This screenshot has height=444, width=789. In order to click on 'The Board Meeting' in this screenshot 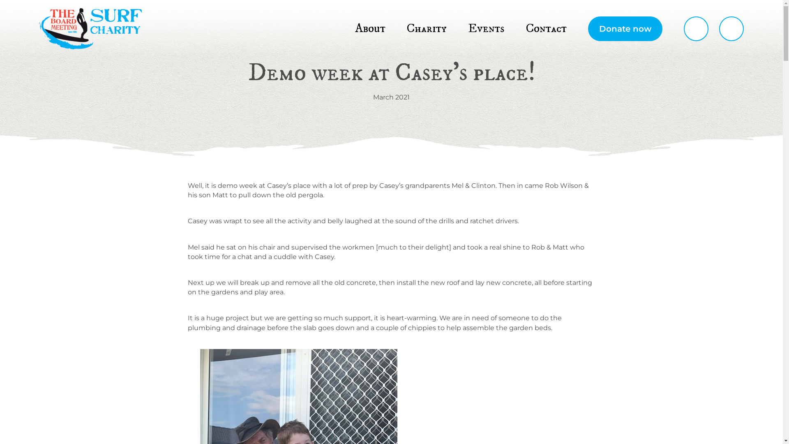, I will do `click(90, 28)`.